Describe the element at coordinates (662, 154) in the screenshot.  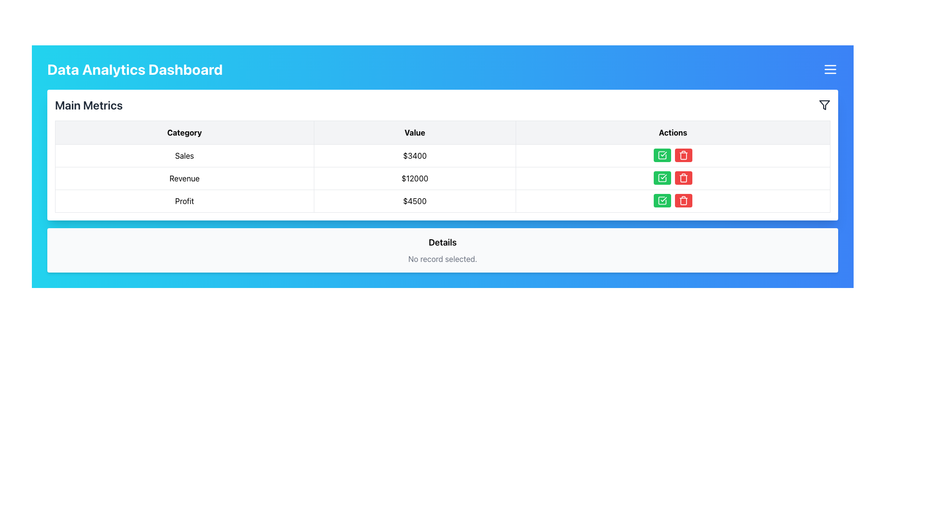
I see `the 'Validate' button located in the 'Actions' column of the first row of the table to approve the associated data row` at that location.